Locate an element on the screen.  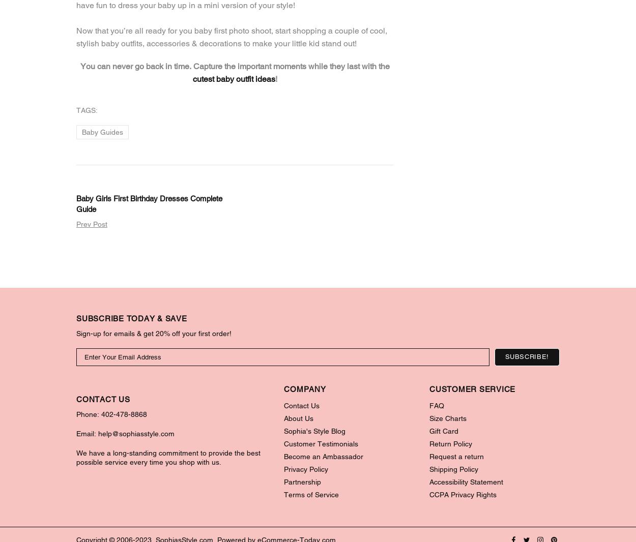
'We have a long-standing commitment to provide the best possible service every time you shop with us.' is located at coordinates (168, 457).